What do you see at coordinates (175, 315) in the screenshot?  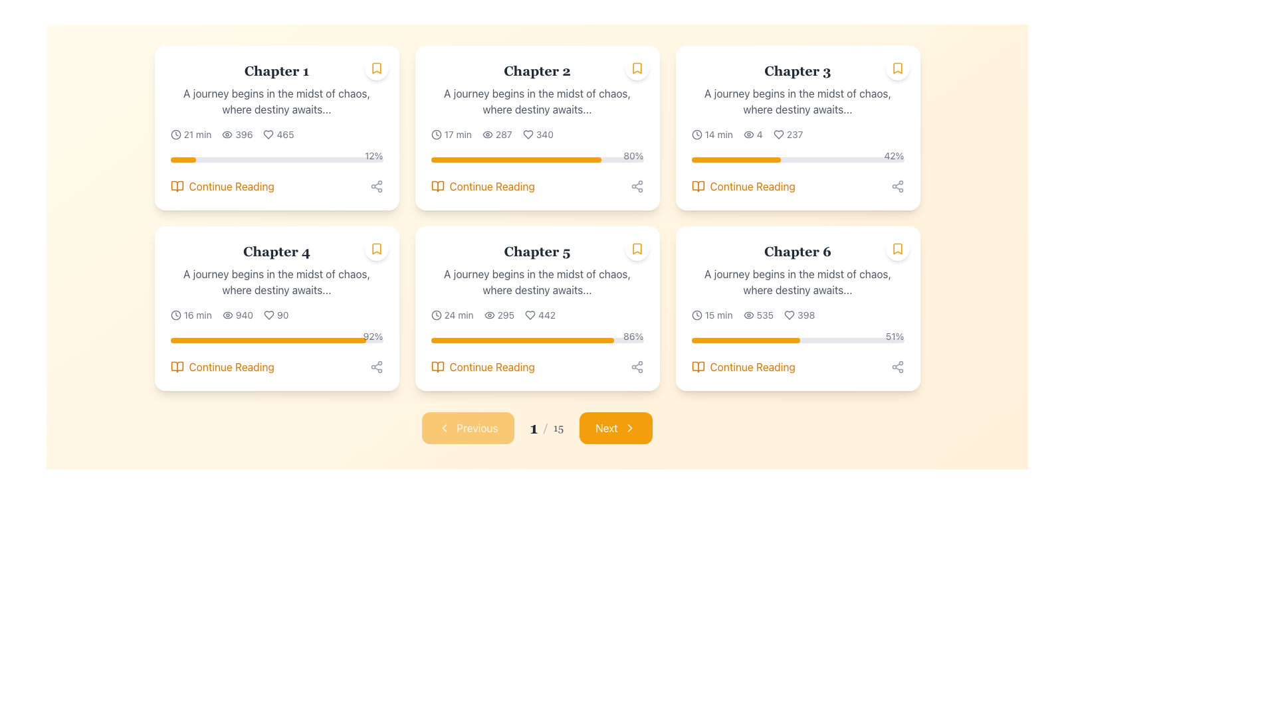 I see `the estimated reading time icon located to the left of the '16 min' text in the details area of the 'Chapter 4' card` at bounding box center [175, 315].